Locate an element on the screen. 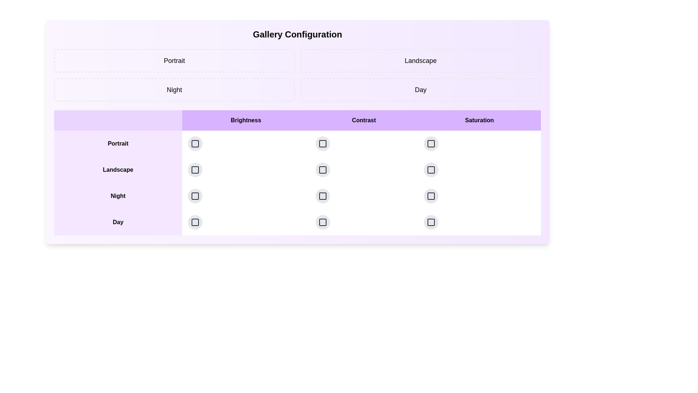  the small, square-shaped button with rounded edges under the 'Brightness' column and 'Landscape' row is located at coordinates (195, 170).